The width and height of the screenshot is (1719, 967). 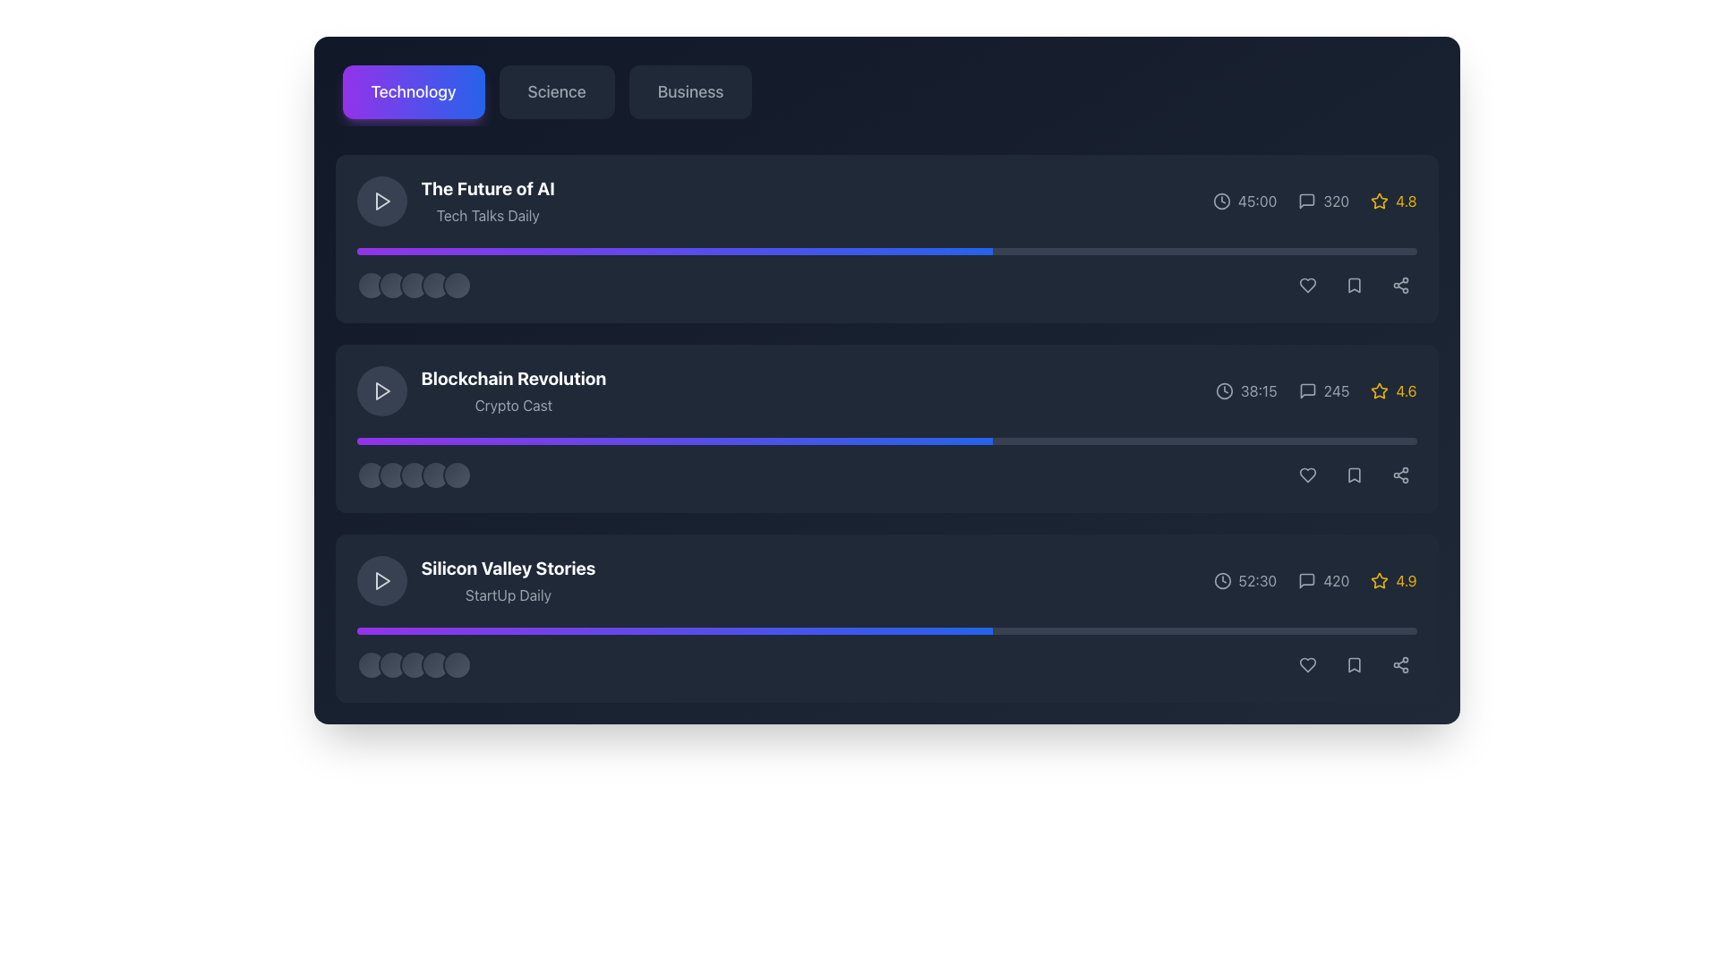 I want to click on the clock icon located to the left of the time text '45:00' in the first content card on the interface, so click(x=1220, y=201).